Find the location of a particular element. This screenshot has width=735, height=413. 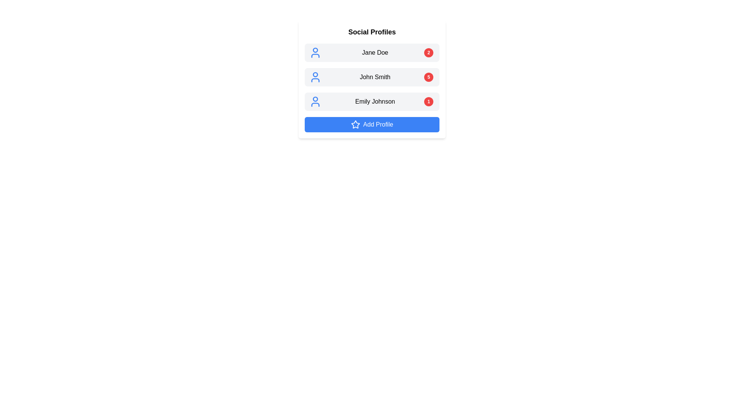

the Notification Badge, which is a circular badge with a red background and white text displaying the number '1', positioned to the right of the 'Emily Johnson' text label is located at coordinates (428, 101).